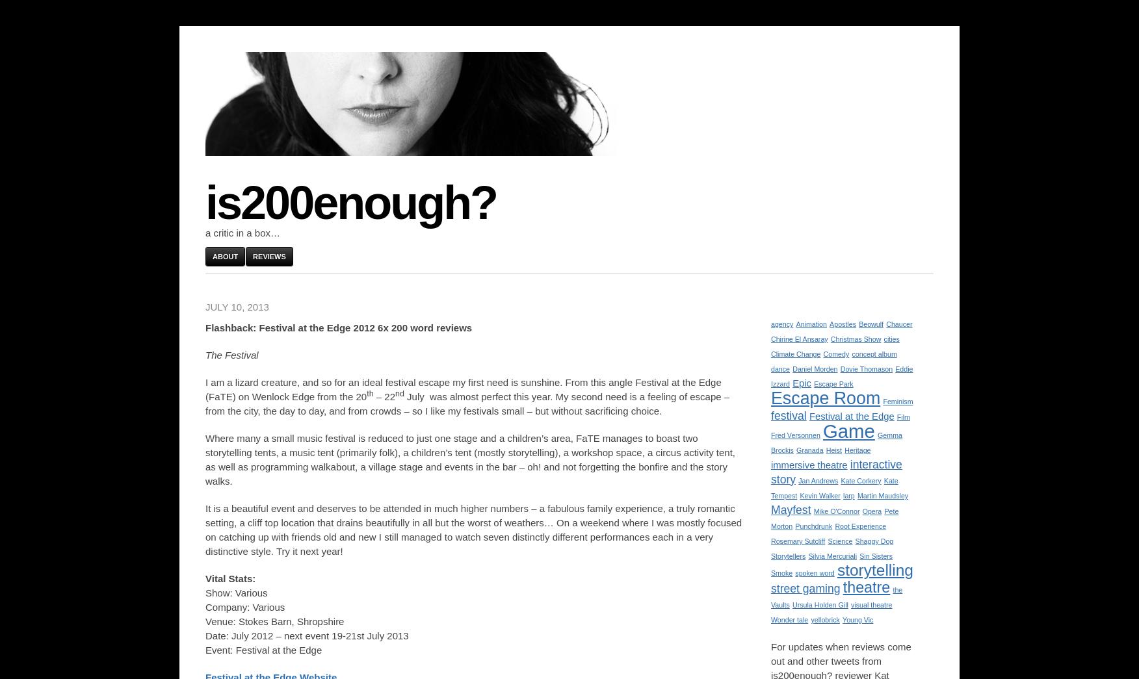 Image resolution: width=1139 pixels, height=679 pixels. I want to click on 'Animation', so click(810, 323).